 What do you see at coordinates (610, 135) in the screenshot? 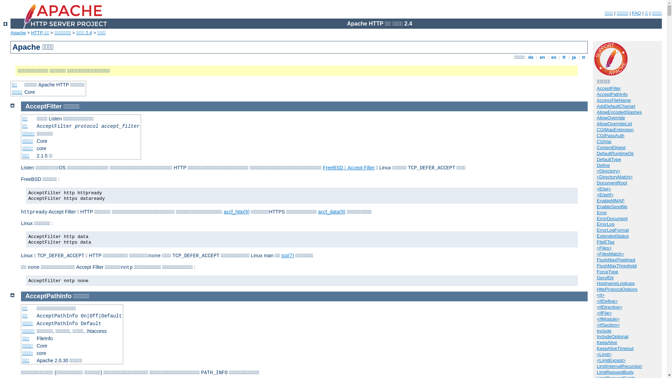
I see `'CGIPassAuth'` at bounding box center [610, 135].